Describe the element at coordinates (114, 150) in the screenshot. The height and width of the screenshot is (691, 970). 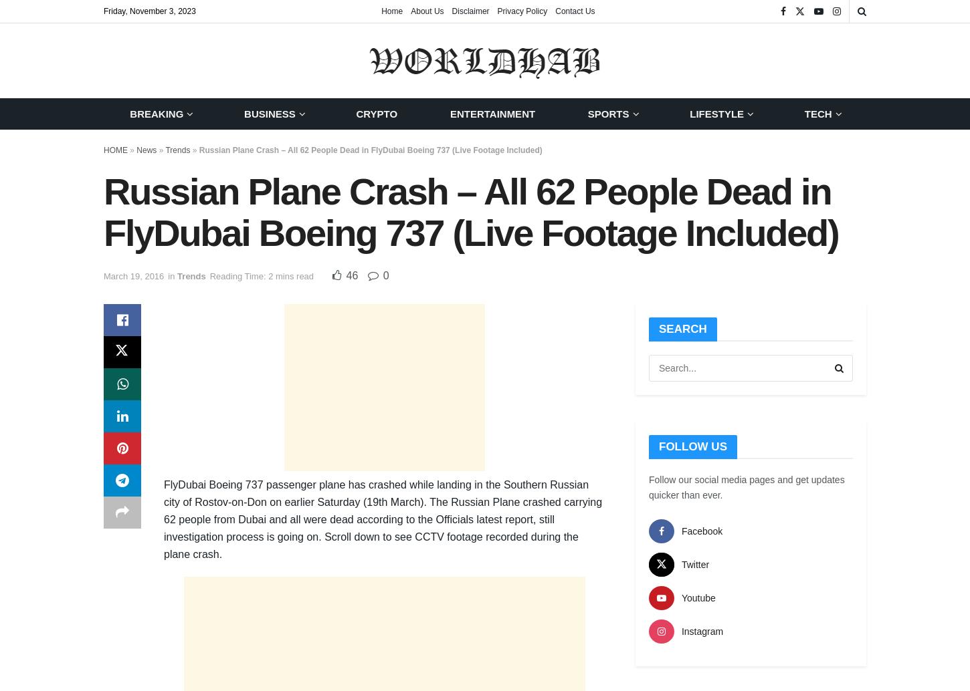
I see `'HOME'` at that location.